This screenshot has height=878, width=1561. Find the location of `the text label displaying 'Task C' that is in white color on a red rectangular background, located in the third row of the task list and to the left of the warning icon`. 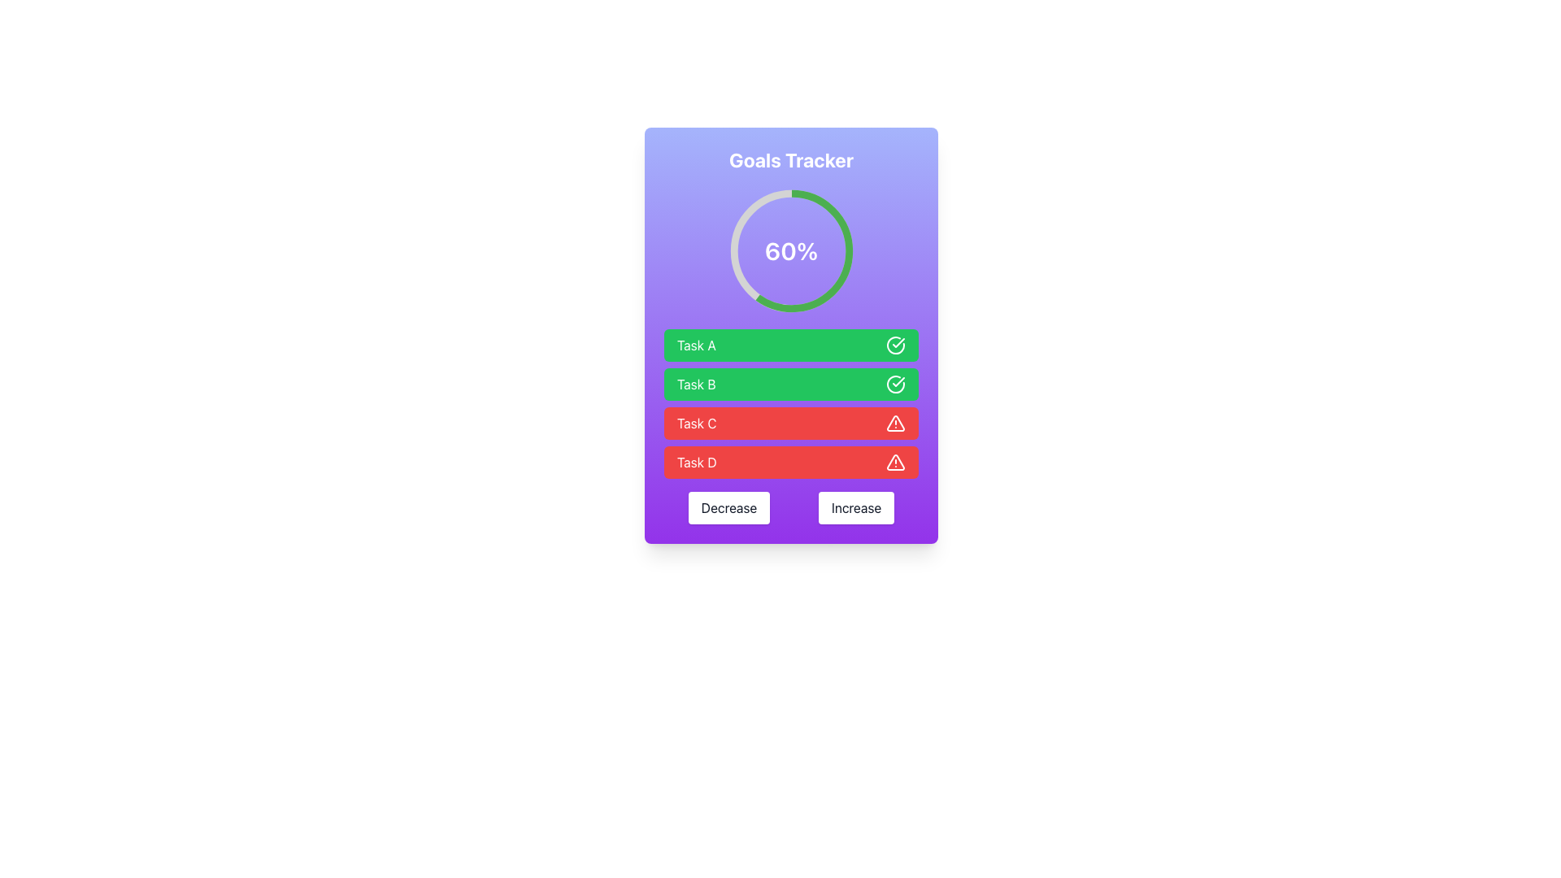

the text label displaying 'Task C' that is in white color on a red rectangular background, located in the third row of the task list and to the left of the warning icon is located at coordinates (697, 422).